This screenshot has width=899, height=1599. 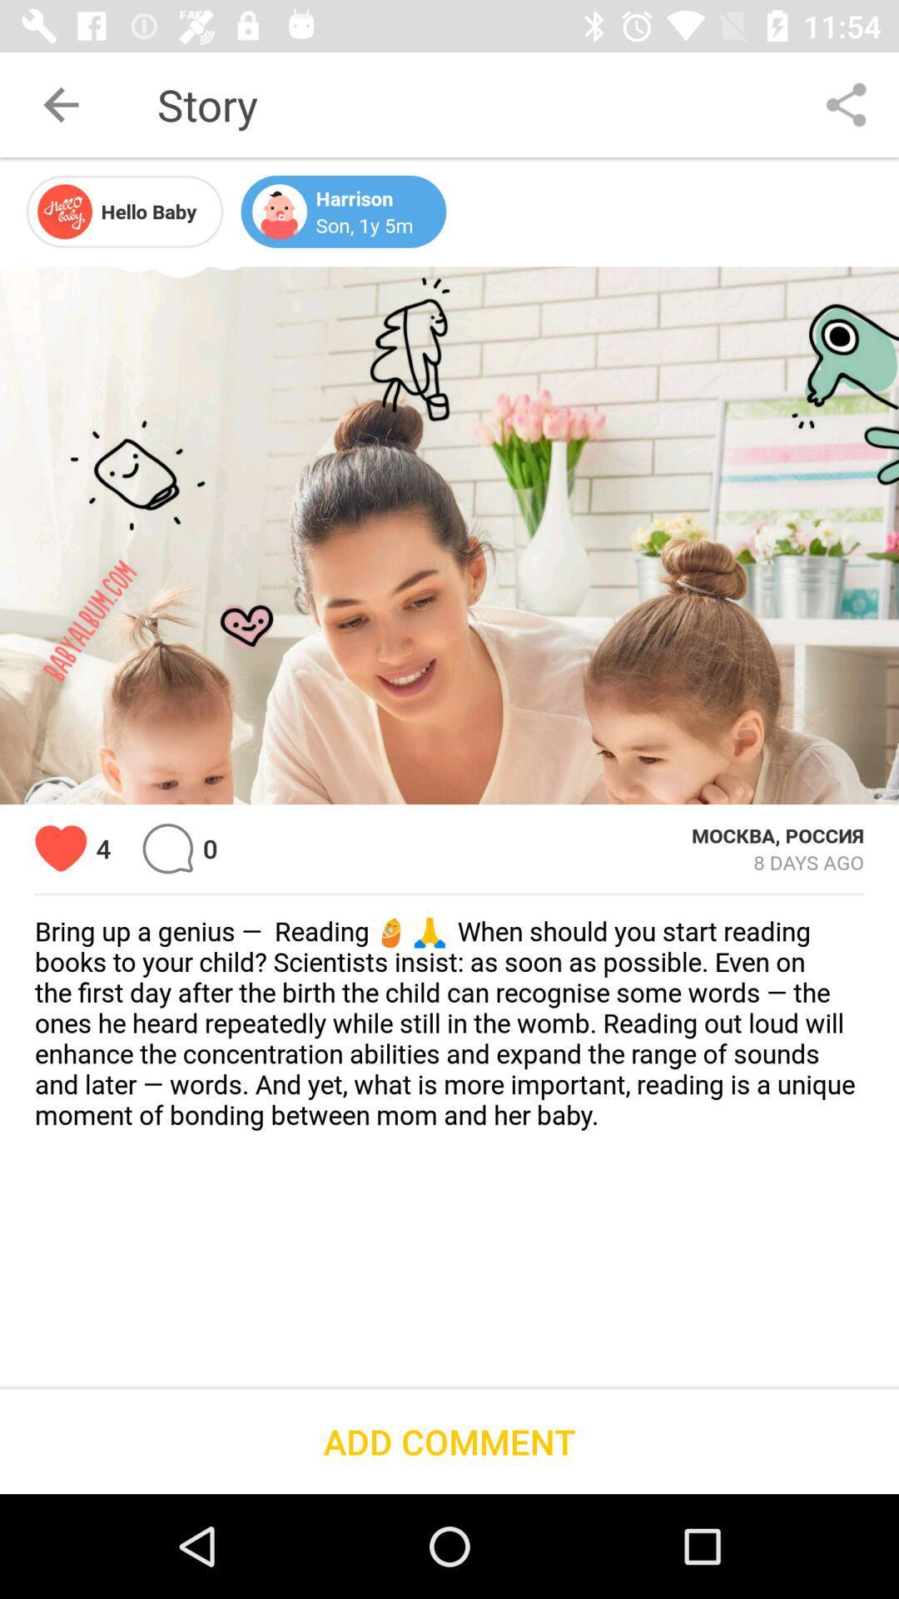 What do you see at coordinates (847, 103) in the screenshot?
I see `the item to the right of story icon` at bounding box center [847, 103].